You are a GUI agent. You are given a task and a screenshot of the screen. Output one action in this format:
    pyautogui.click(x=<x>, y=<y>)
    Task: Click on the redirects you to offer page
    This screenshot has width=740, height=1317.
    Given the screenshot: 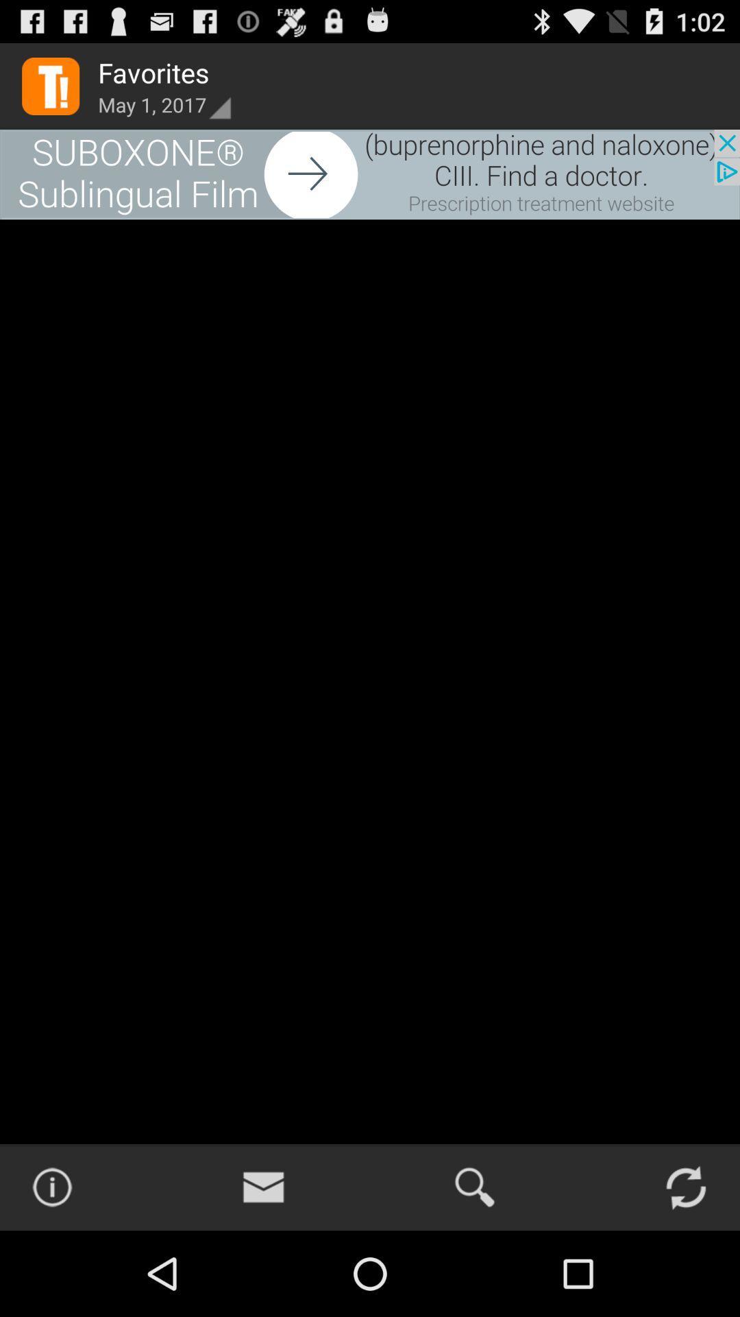 What is the action you would take?
    pyautogui.click(x=370, y=174)
    